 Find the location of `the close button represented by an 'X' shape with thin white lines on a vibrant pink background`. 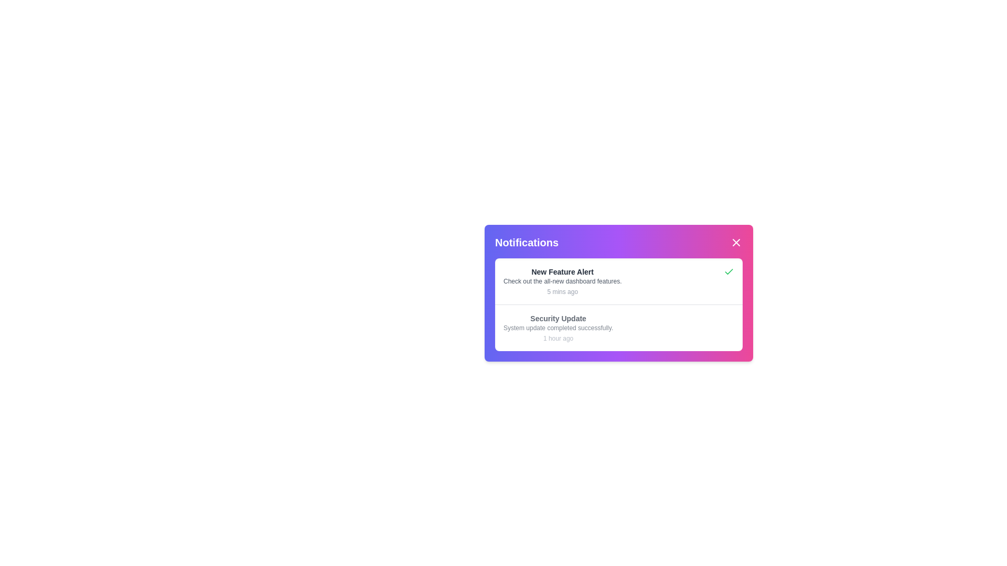

the close button represented by an 'X' shape with thin white lines on a vibrant pink background is located at coordinates (735, 242).